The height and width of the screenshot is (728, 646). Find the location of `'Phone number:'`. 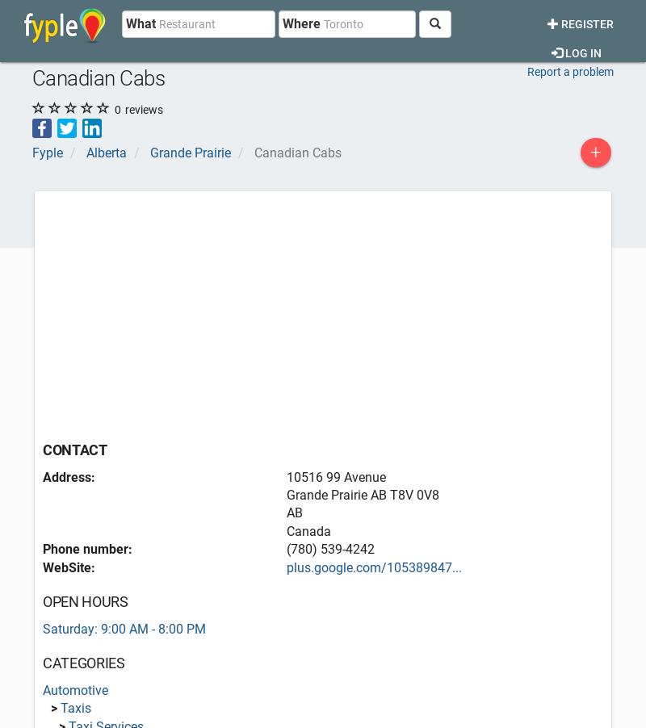

'Phone number:' is located at coordinates (86, 549).